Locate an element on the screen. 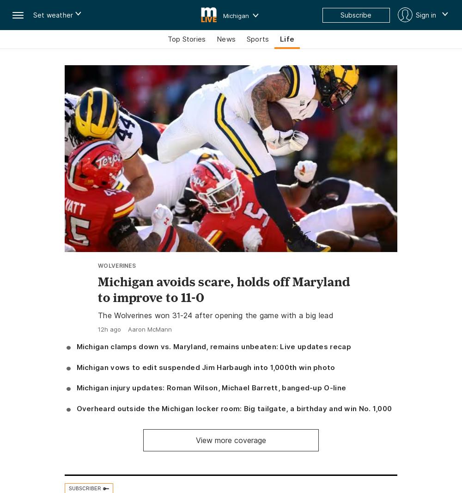  'Subscriber' is located at coordinates (85, 488).